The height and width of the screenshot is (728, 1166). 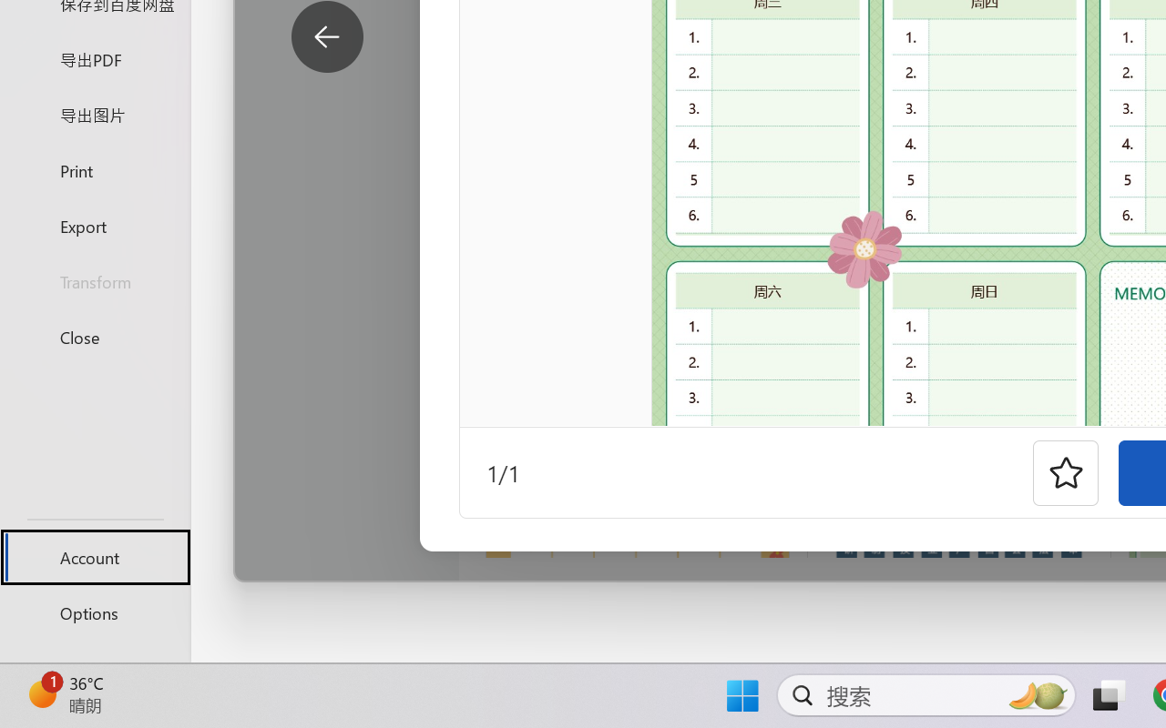 I want to click on 'Export', so click(x=94, y=225).